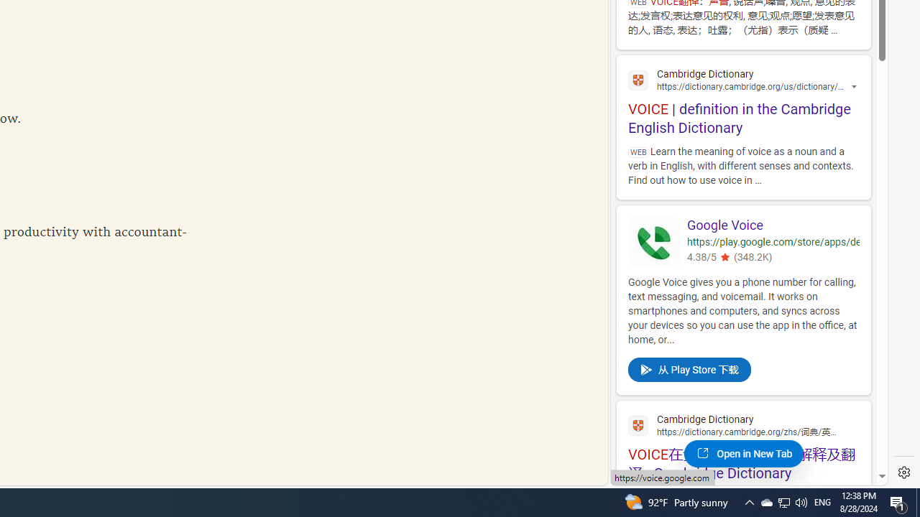 The width and height of the screenshot is (920, 517). Describe the element at coordinates (772, 258) in the screenshot. I see `'4.38/5(348.2K)'` at that location.